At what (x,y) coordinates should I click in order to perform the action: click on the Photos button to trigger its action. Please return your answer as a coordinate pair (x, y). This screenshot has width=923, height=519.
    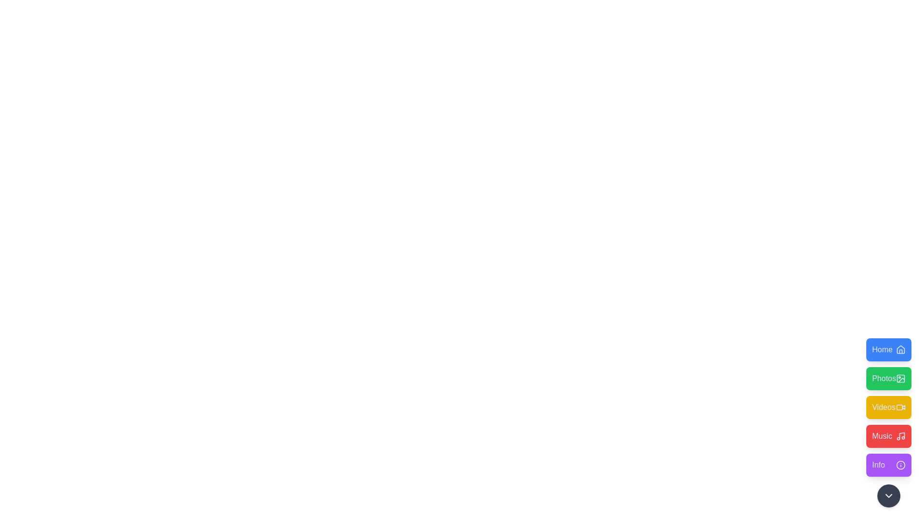
    Looking at the image, I should click on (888, 378).